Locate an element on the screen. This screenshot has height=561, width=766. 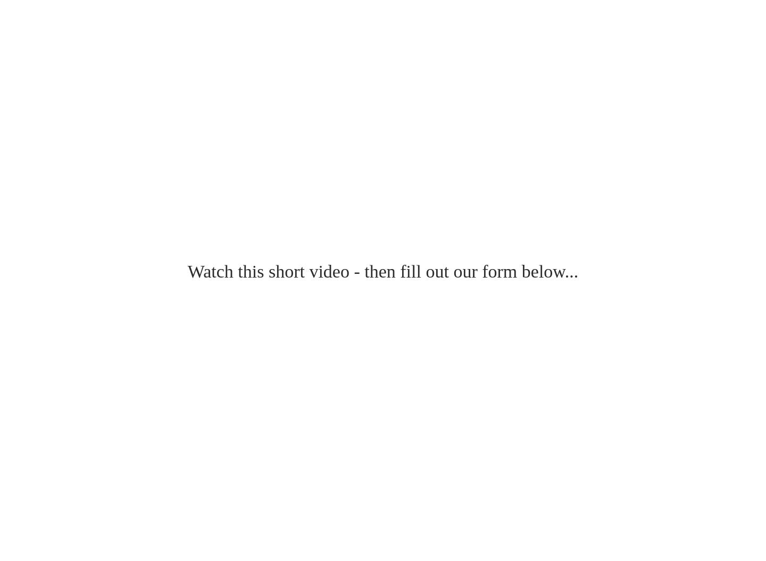
'Our clients are able to minimize other advertising methods when we make their business grow and rank high on Google. If you’re not investing in your website – you’re losing money each day.' is located at coordinates (634, 45).